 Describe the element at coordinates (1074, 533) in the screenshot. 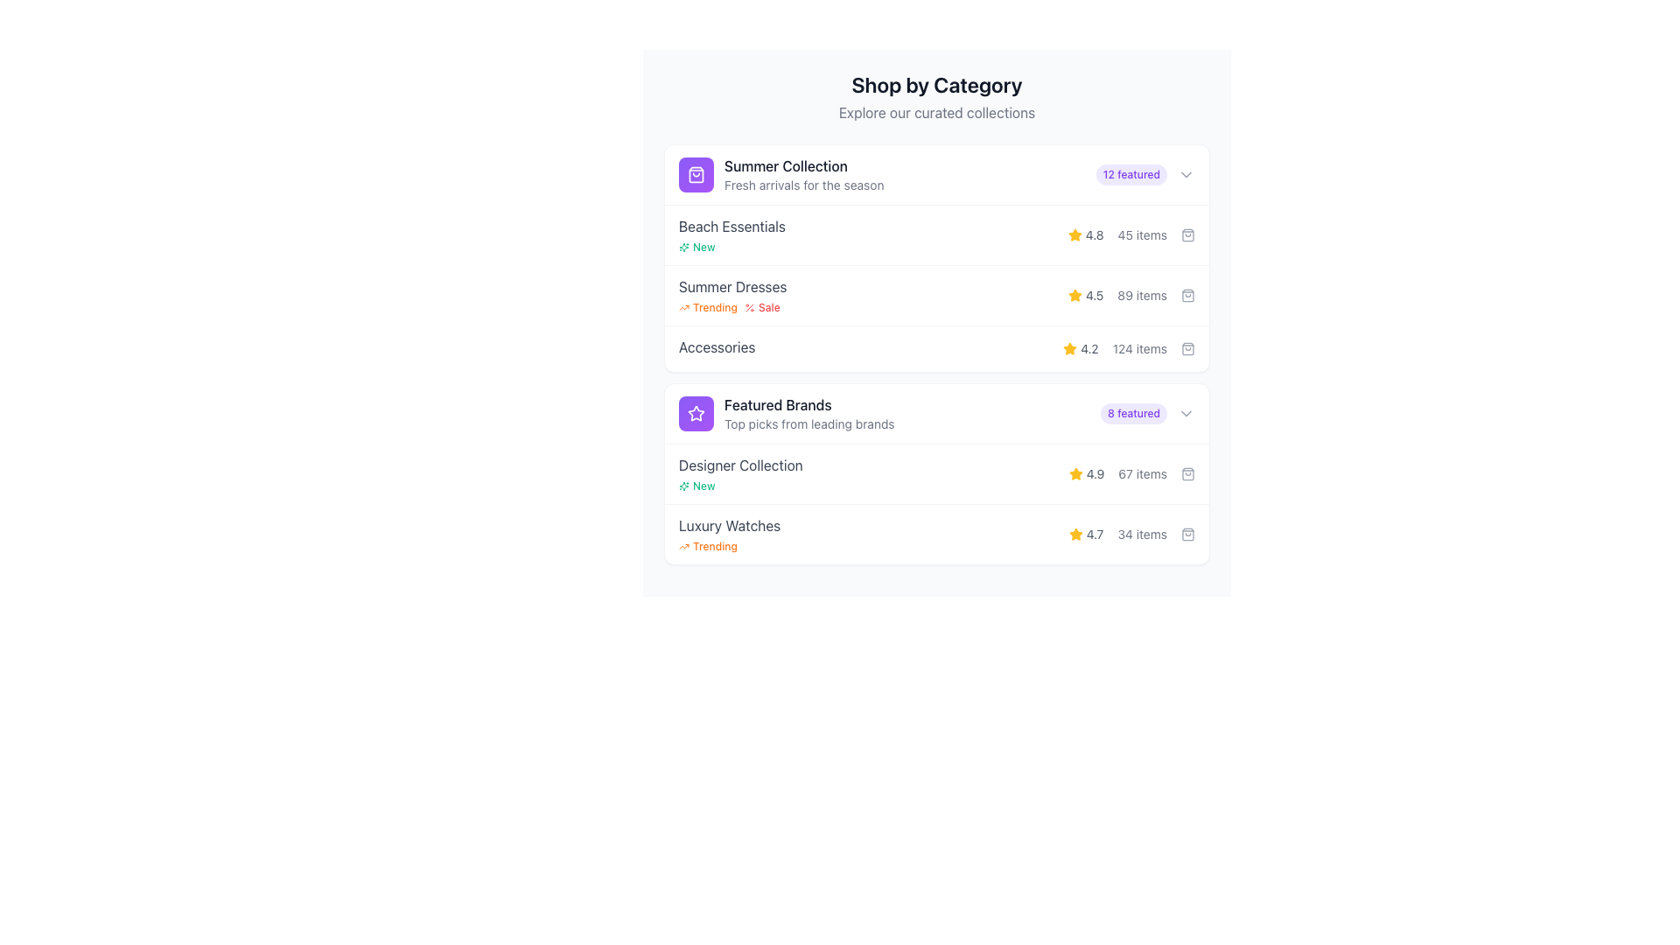

I see `the yellow star icon with rounded edges, filled with a gold hue, located to the left of the text '4.7' in the 'Luxury Watches' row under 'Featured Brands'` at that location.